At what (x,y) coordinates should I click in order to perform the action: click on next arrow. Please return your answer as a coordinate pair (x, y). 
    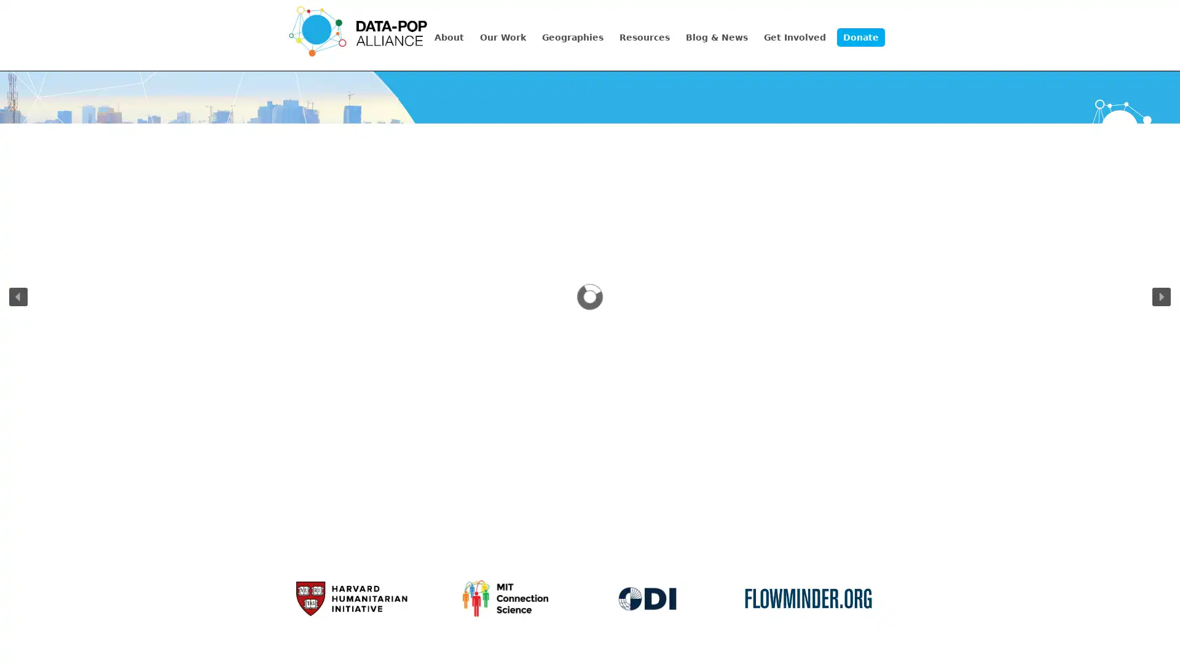
    Looking at the image, I should click on (1161, 296).